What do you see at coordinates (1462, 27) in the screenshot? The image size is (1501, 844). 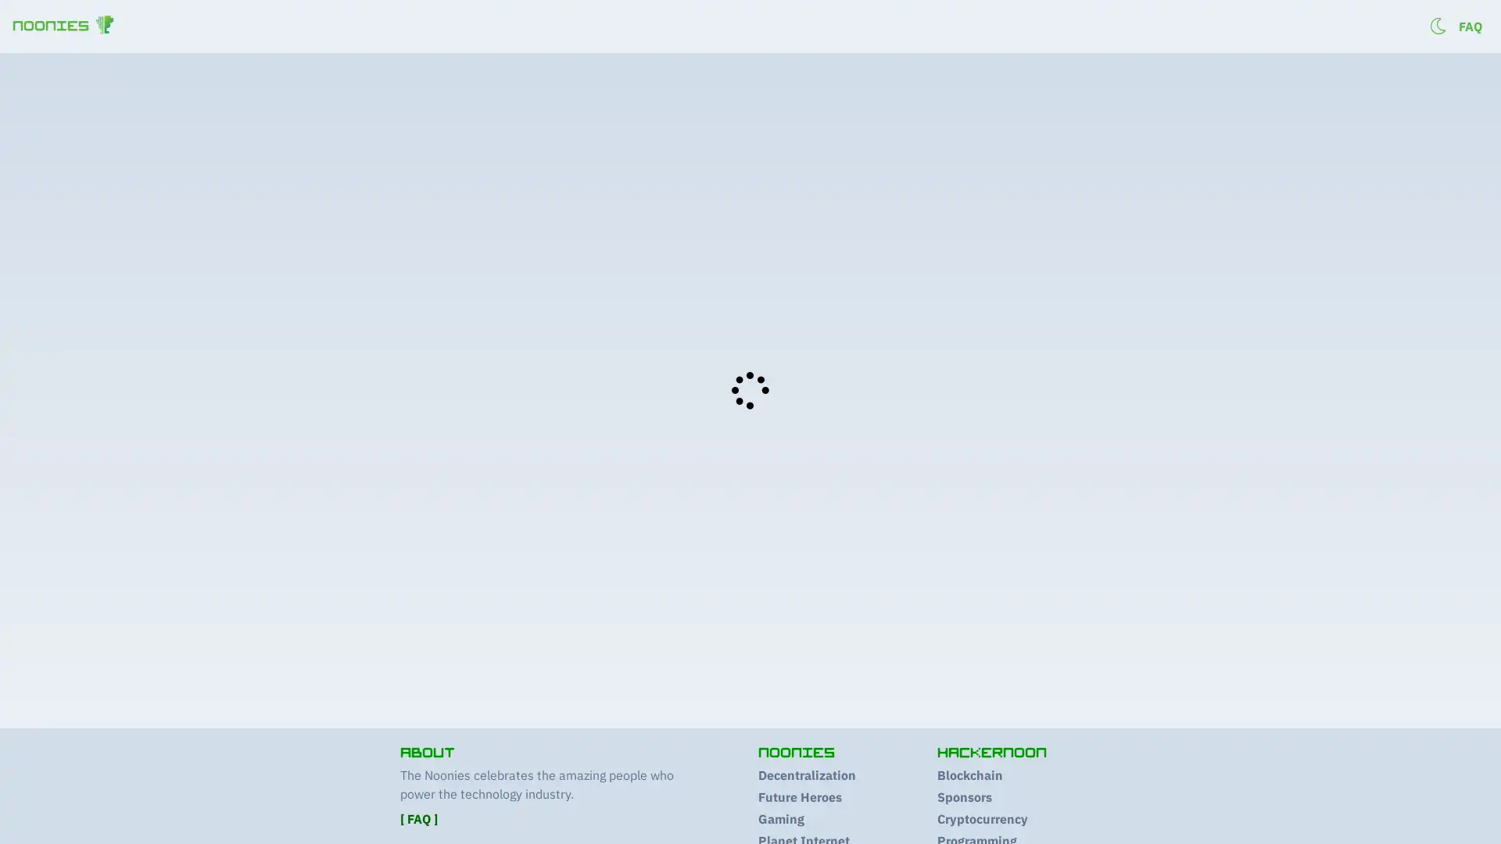 I see `Log in` at bounding box center [1462, 27].